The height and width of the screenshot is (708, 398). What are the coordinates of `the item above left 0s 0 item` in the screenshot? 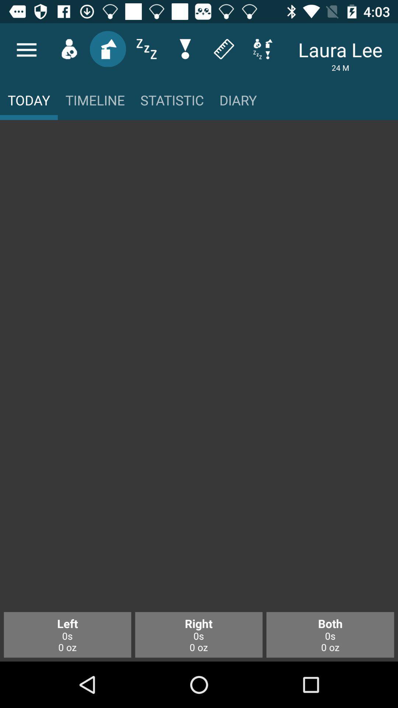 It's located at (199, 370).